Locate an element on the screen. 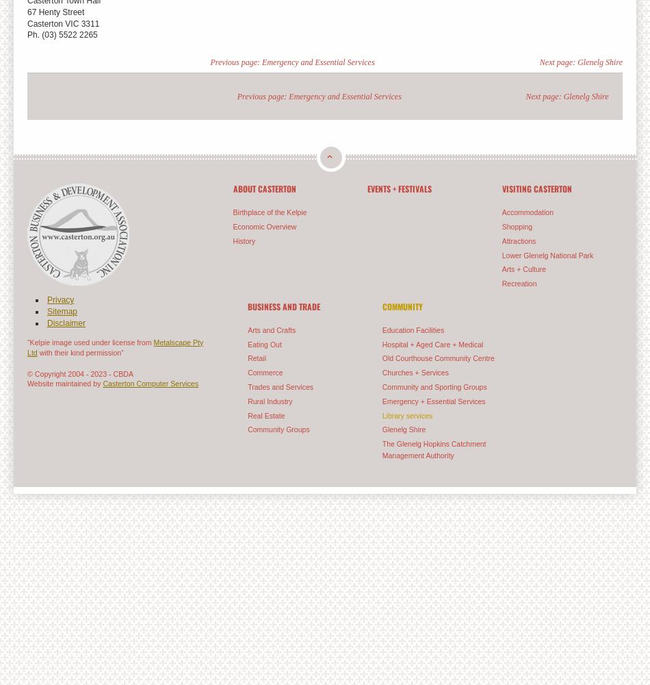  'with their kind permission”' is located at coordinates (80, 352).